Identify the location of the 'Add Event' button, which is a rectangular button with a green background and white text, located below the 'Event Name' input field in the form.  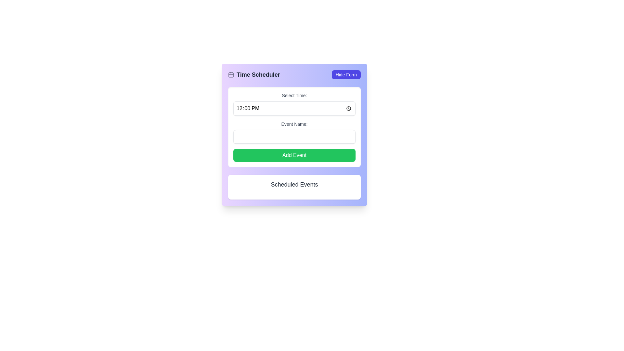
(294, 155).